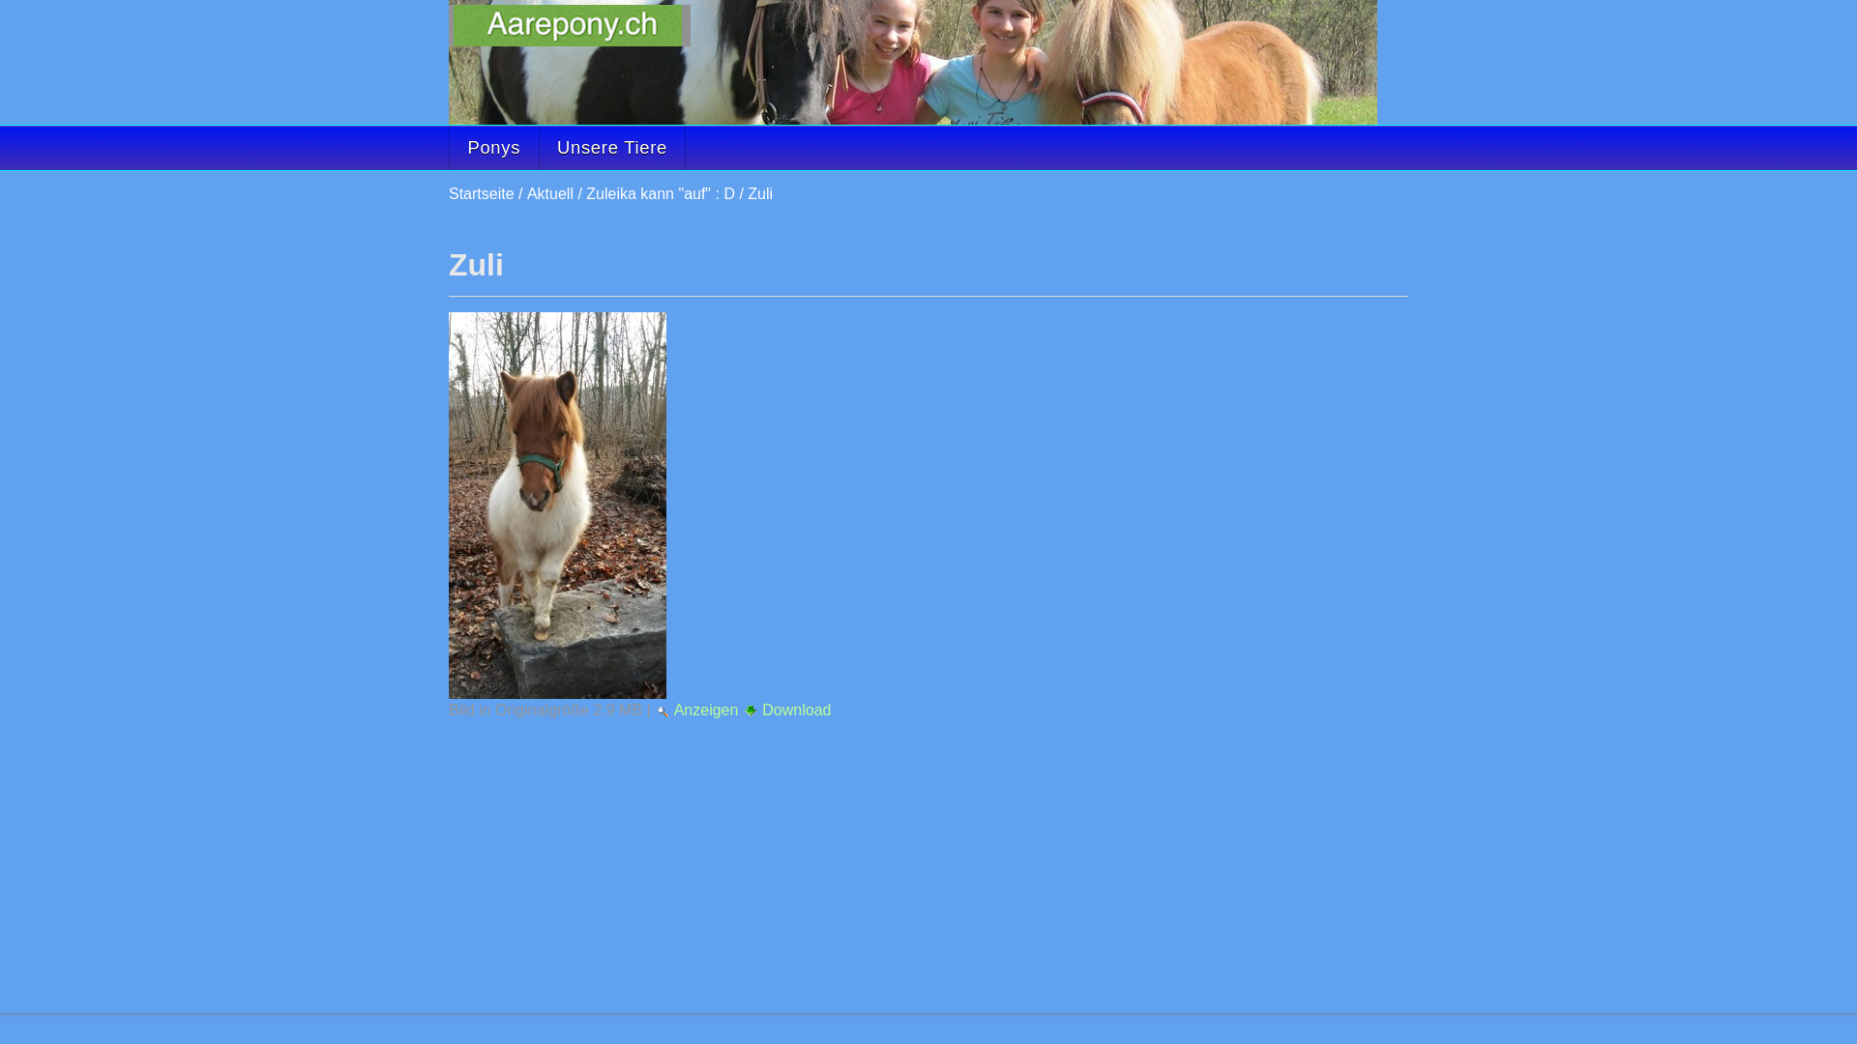 This screenshot has width=1857, height=1044. What do you see at coordinates (750, 710) in the screenshot?
I see `'Bild herunterladen'` at bounding box center [750, 710].